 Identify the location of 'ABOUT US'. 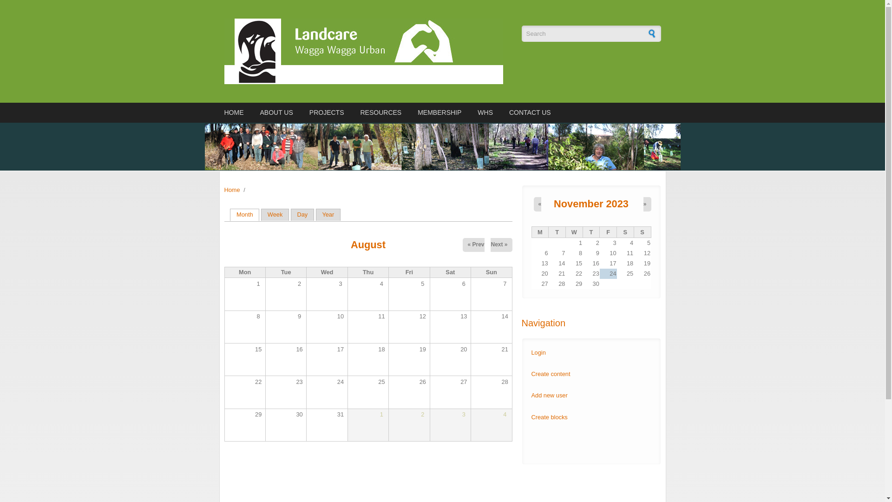
(275, 112).